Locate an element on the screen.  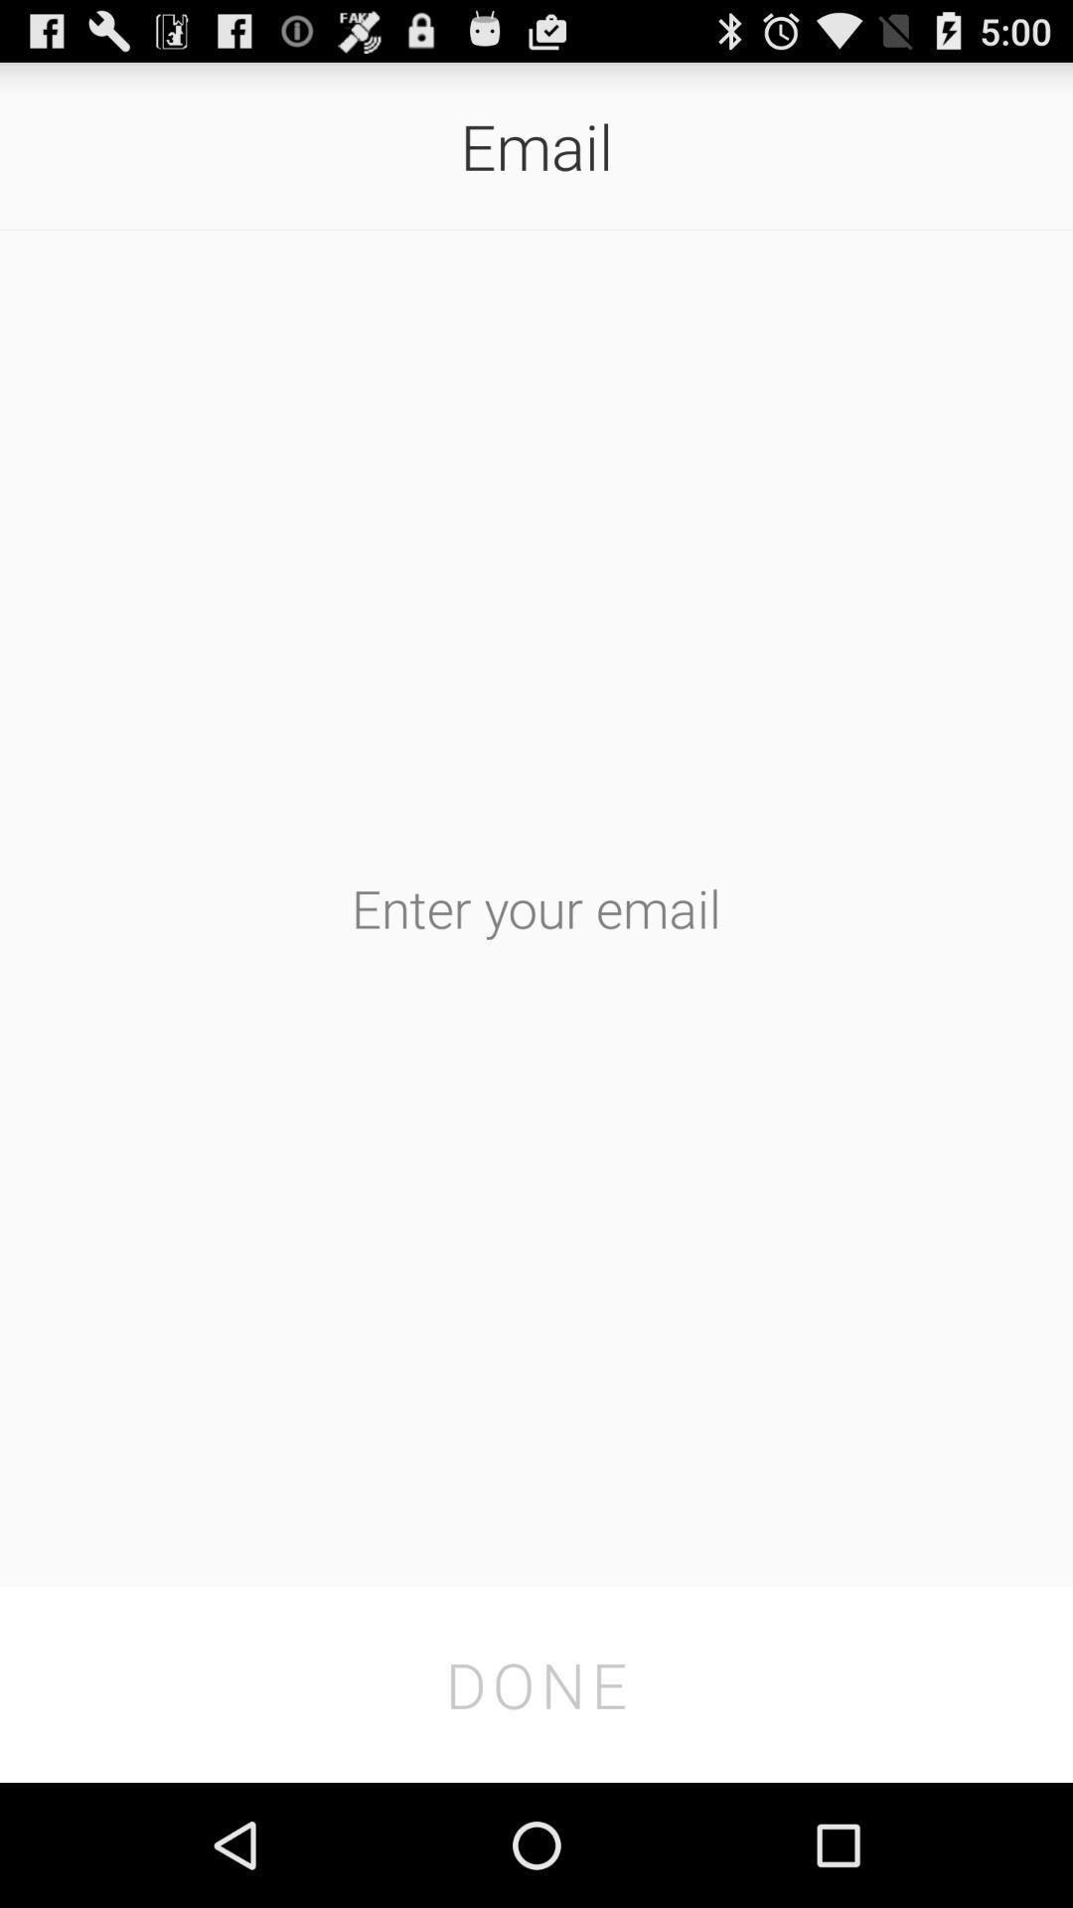
done is located at coordinates (536, 1683).